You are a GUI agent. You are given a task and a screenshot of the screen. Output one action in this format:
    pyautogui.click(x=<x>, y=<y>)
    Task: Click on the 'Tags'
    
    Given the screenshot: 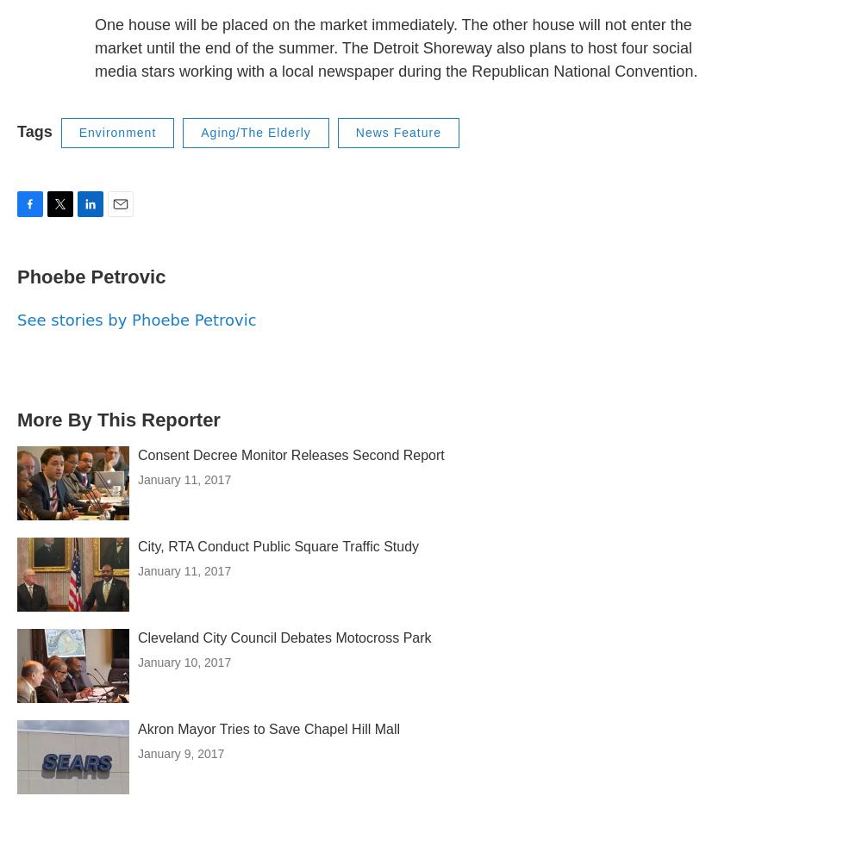 What is the action you would take?
    pyautogui.click(x=34, y=130)
    